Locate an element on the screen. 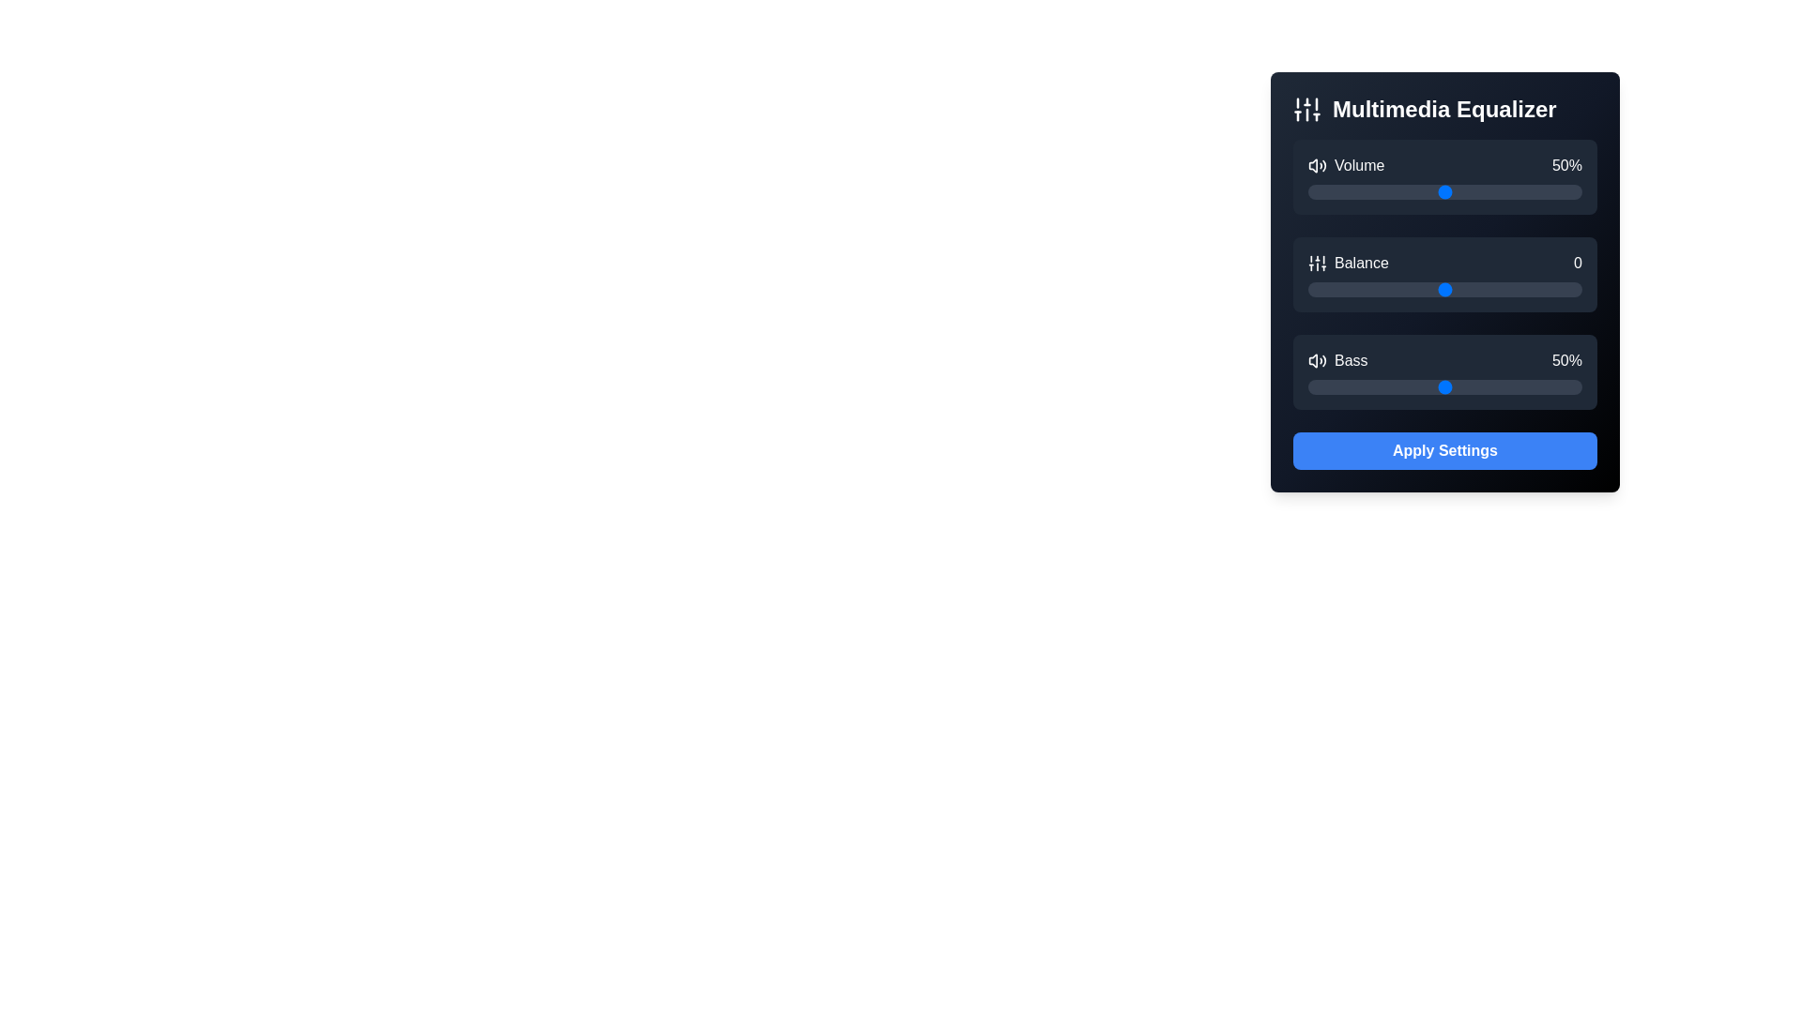  the volume level is located at coordinates (1469, 191).